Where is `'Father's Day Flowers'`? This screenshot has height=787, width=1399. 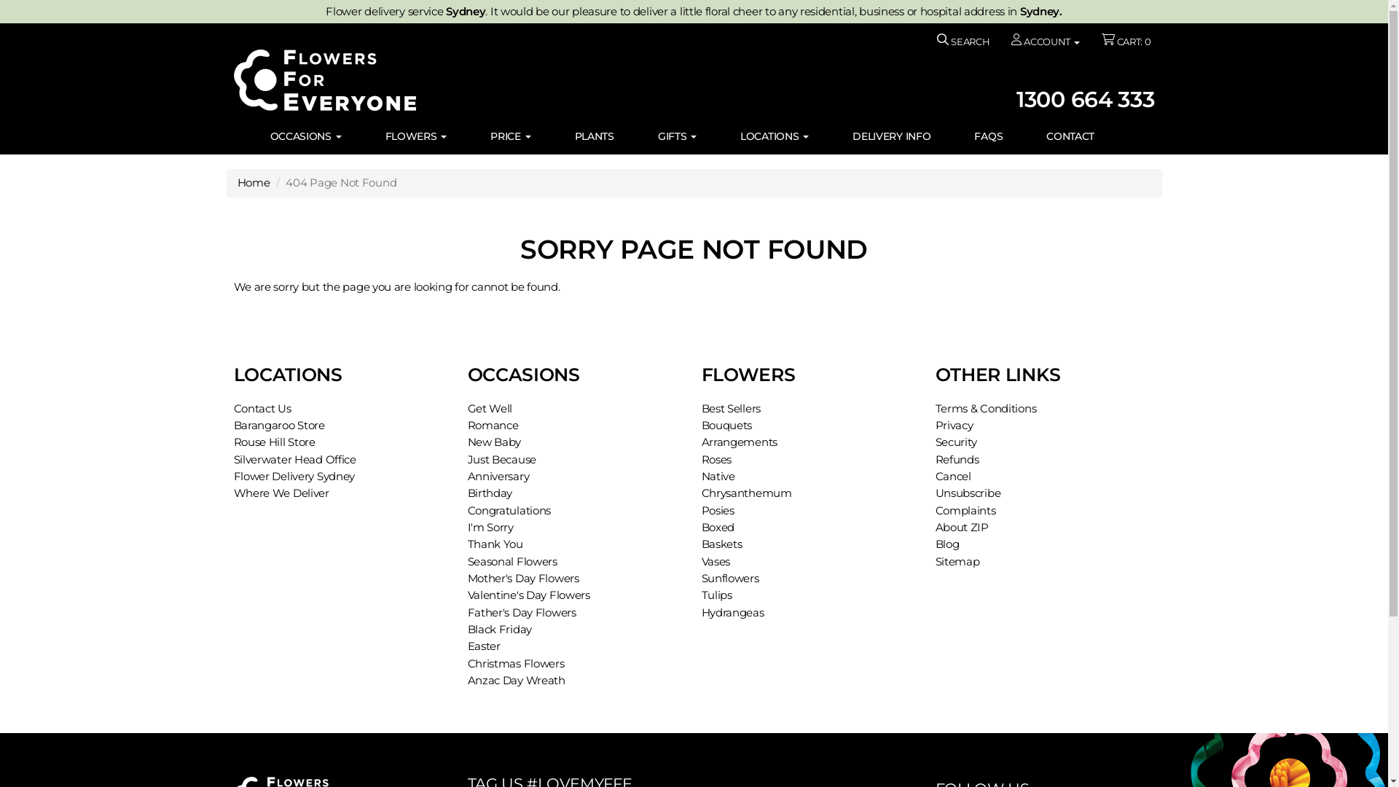
'Father's Day Flowers' is located at coordinates (522, 612).